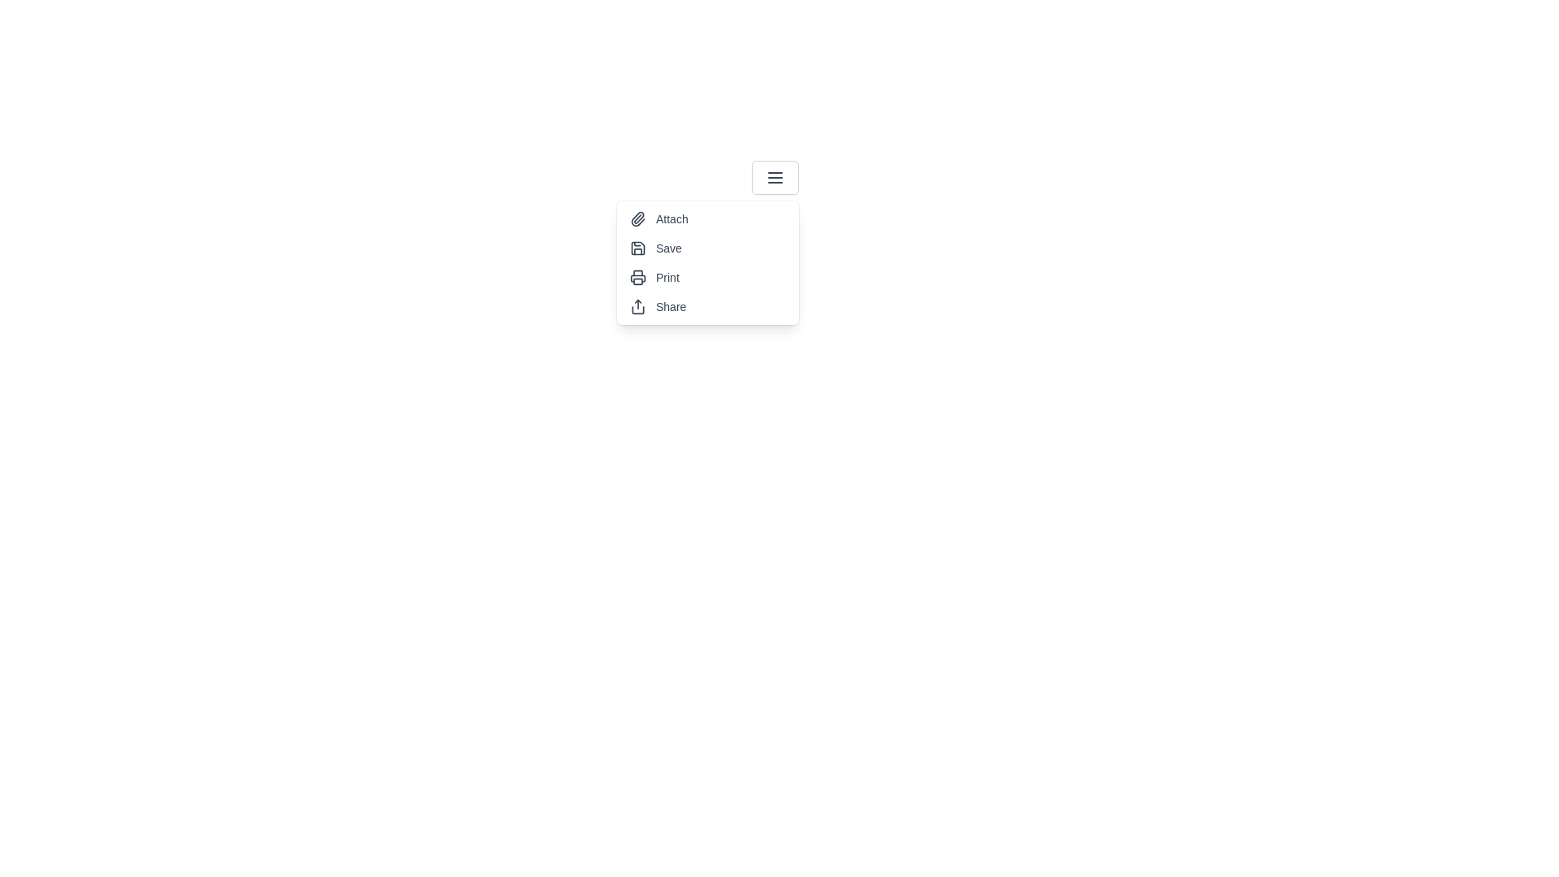 The image size is (1559, 877). Describe the element at coordinates (637, 248) in the screenshot. I see `the save icon resembling a stylized floppy disk located in the second row of the menu next to the 'Save' label` at that location.